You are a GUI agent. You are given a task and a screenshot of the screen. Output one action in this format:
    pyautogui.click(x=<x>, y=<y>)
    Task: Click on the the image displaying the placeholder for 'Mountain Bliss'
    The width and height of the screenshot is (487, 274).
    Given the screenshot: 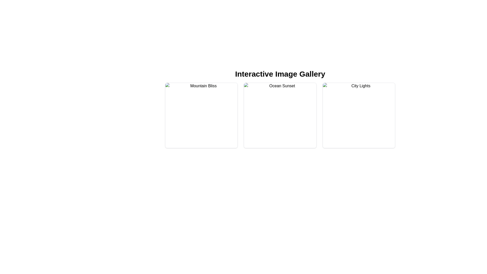 What is the action you would take?
    pyautogui.click(x=201, y=115)
    